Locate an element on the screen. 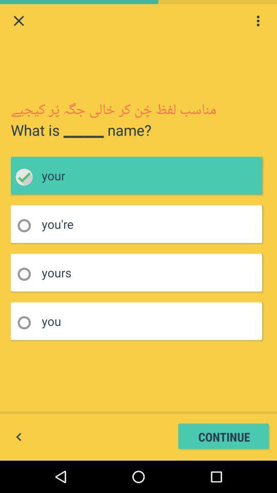  show options is located at coordinates (258, 20).